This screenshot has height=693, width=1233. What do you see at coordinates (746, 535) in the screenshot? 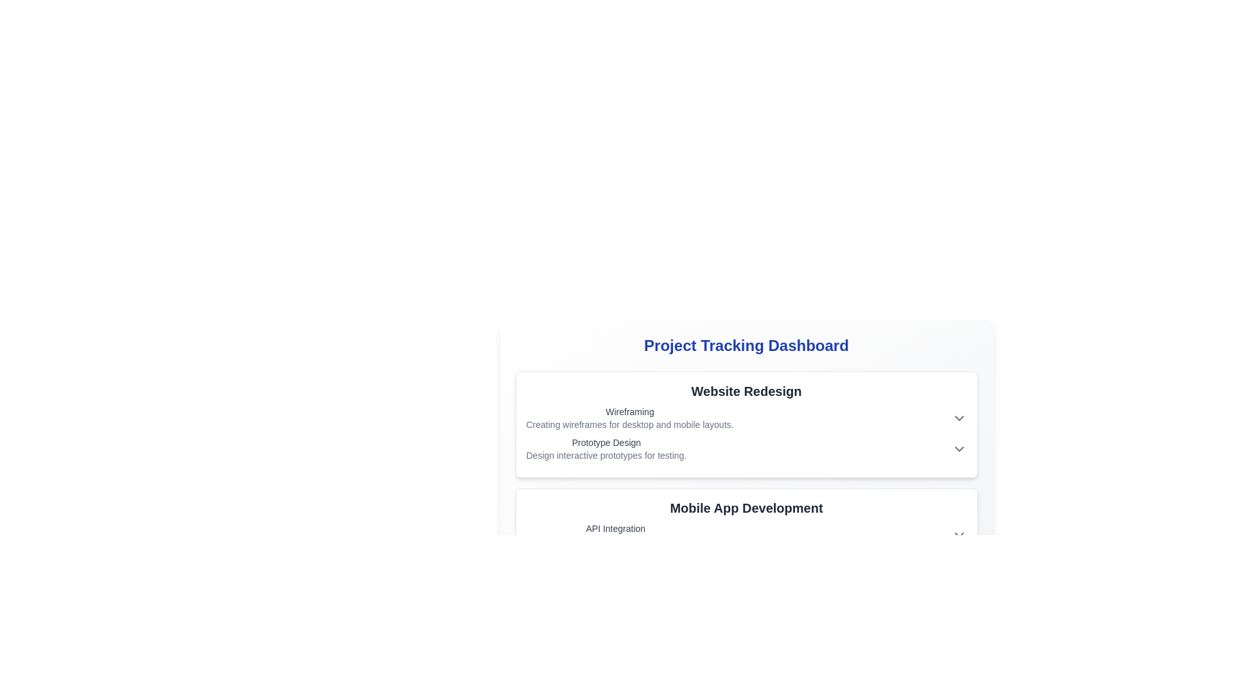
I see `information displayed in the list item titled 'API Integration' with the description 'Connecting front-end and back-end services.'` at bounding box center [746, 535].